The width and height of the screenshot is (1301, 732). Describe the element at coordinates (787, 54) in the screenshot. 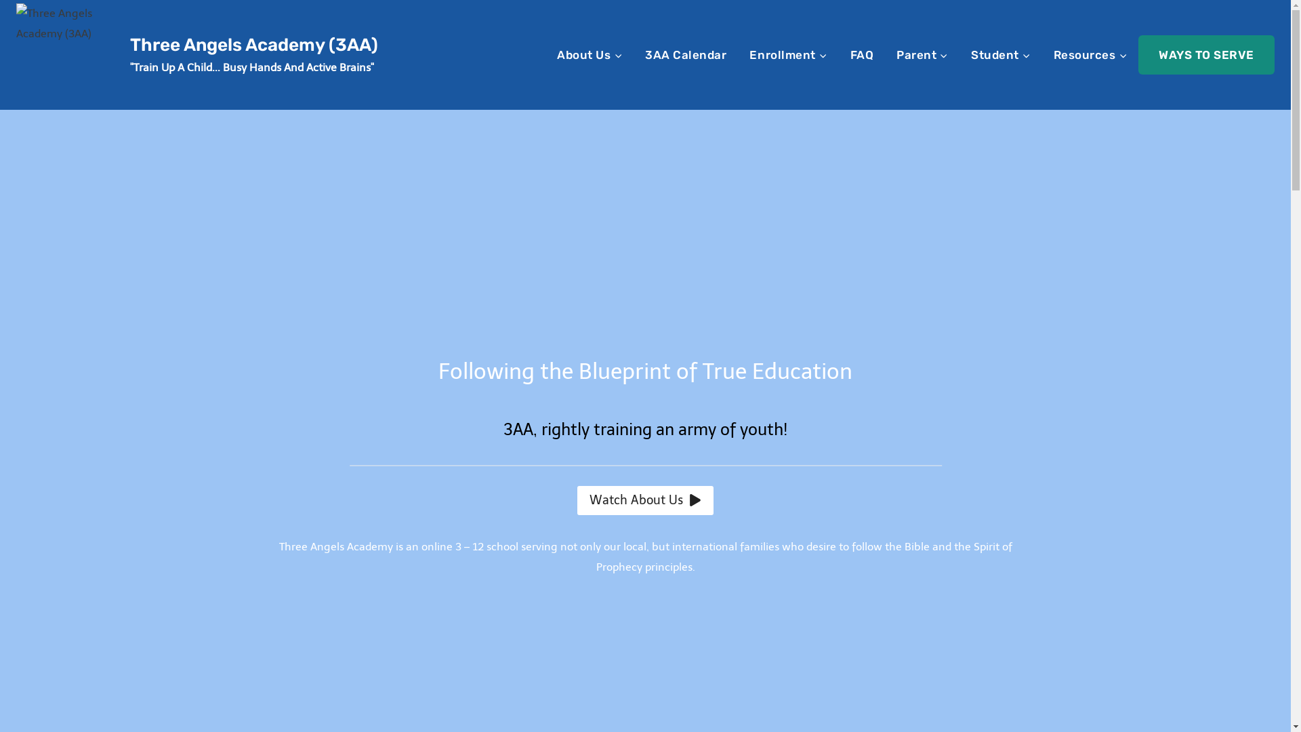

I see `'Enrollment'` at that location.